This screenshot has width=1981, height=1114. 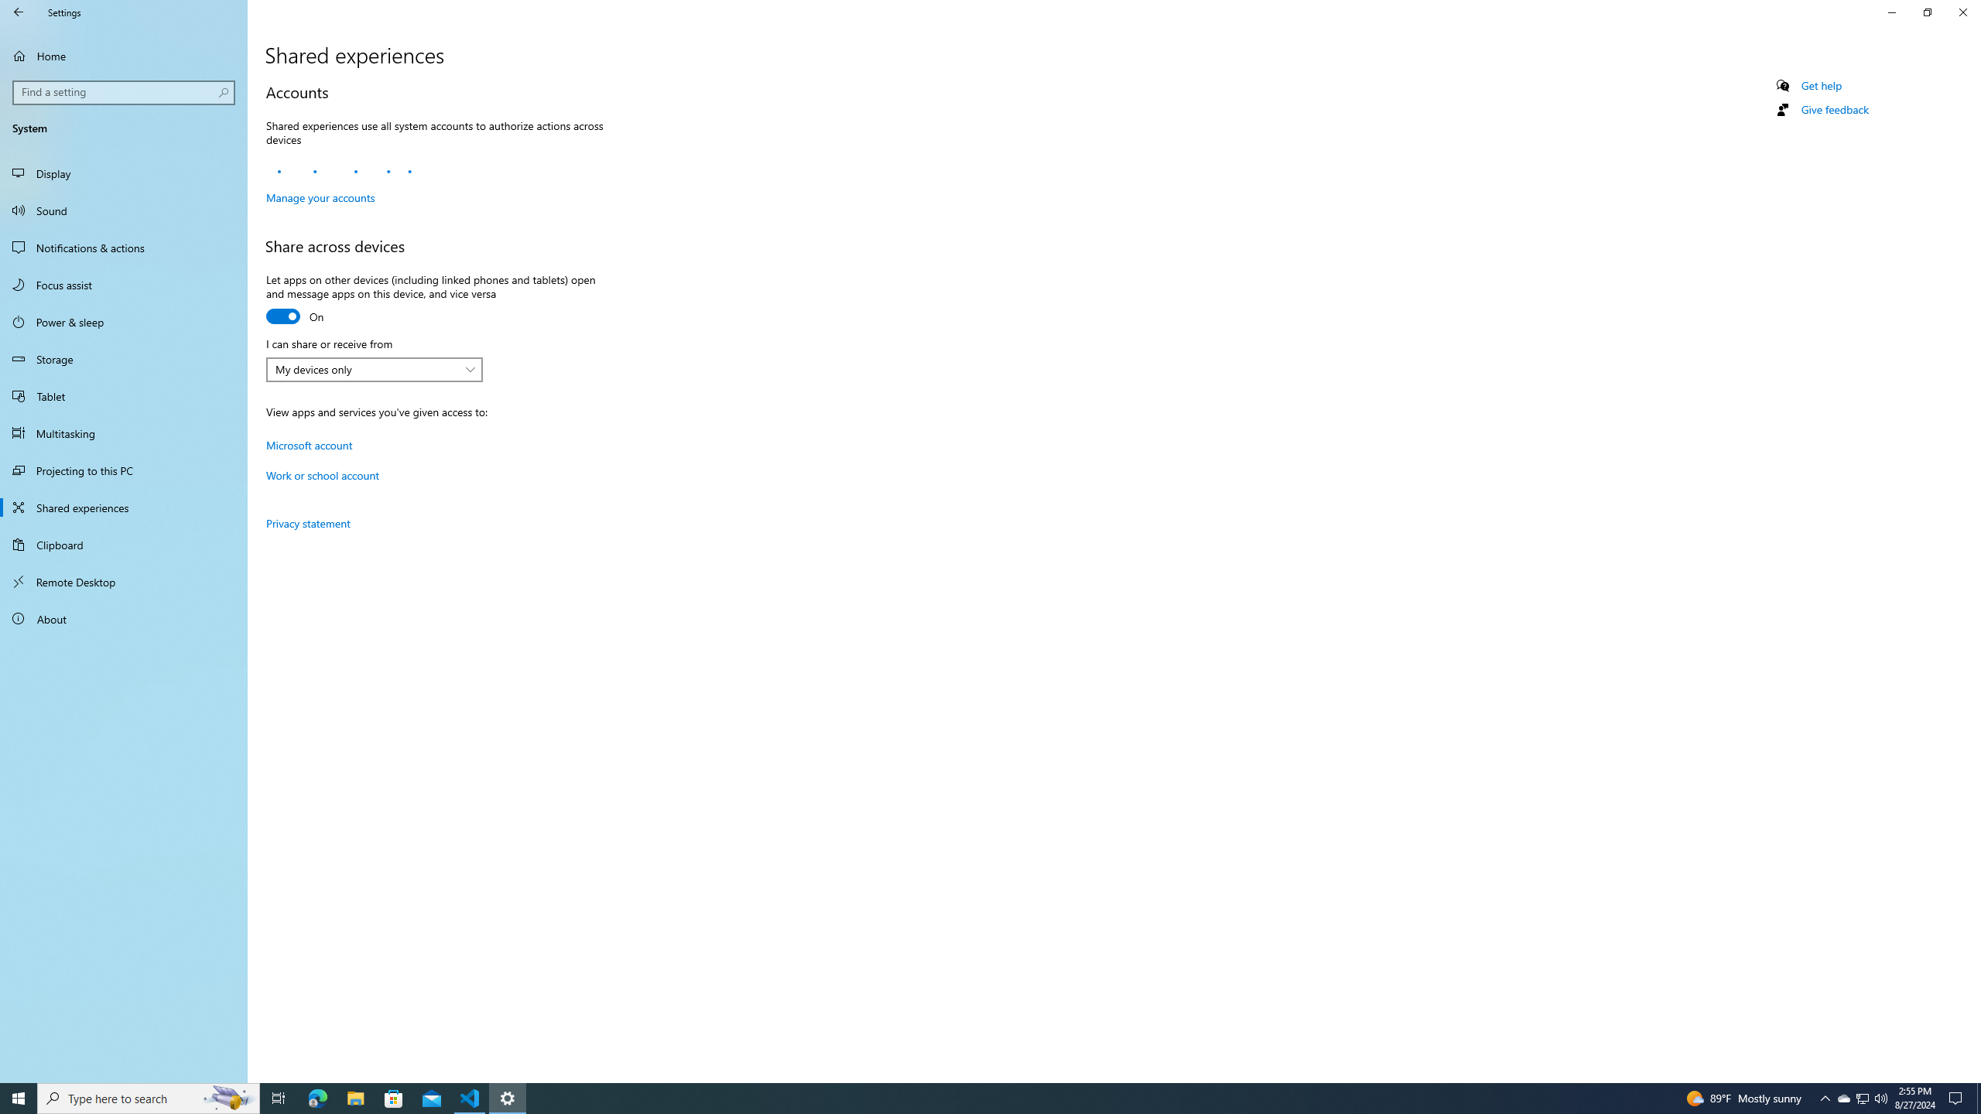 What do you see at coordinates (123, 617) in the screenshot?
I see `'About'` at bounding box center [123, 617].